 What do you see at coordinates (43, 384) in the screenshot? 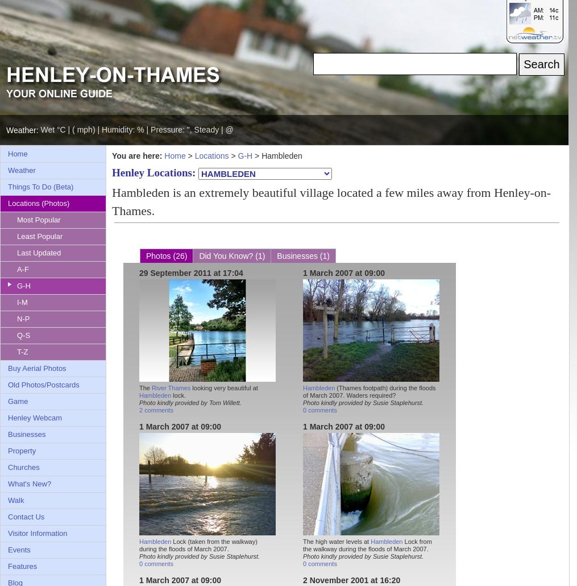
I see `'Old Photos/Postcards'` at bounding box center [43, 384].